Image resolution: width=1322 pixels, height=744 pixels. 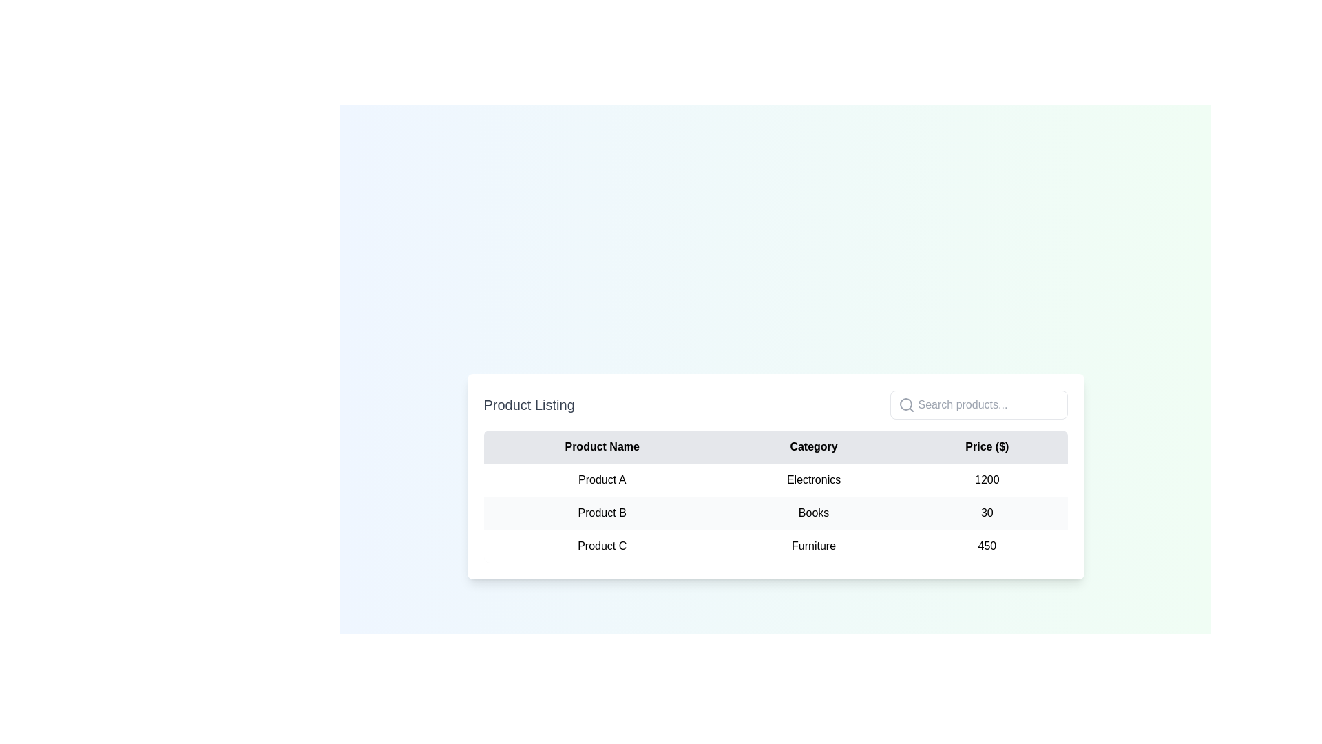 What do you see at coordinates (775, 479) in the screenshot?
I see `the first row of the product listing table` at bounding box center [775, 479].